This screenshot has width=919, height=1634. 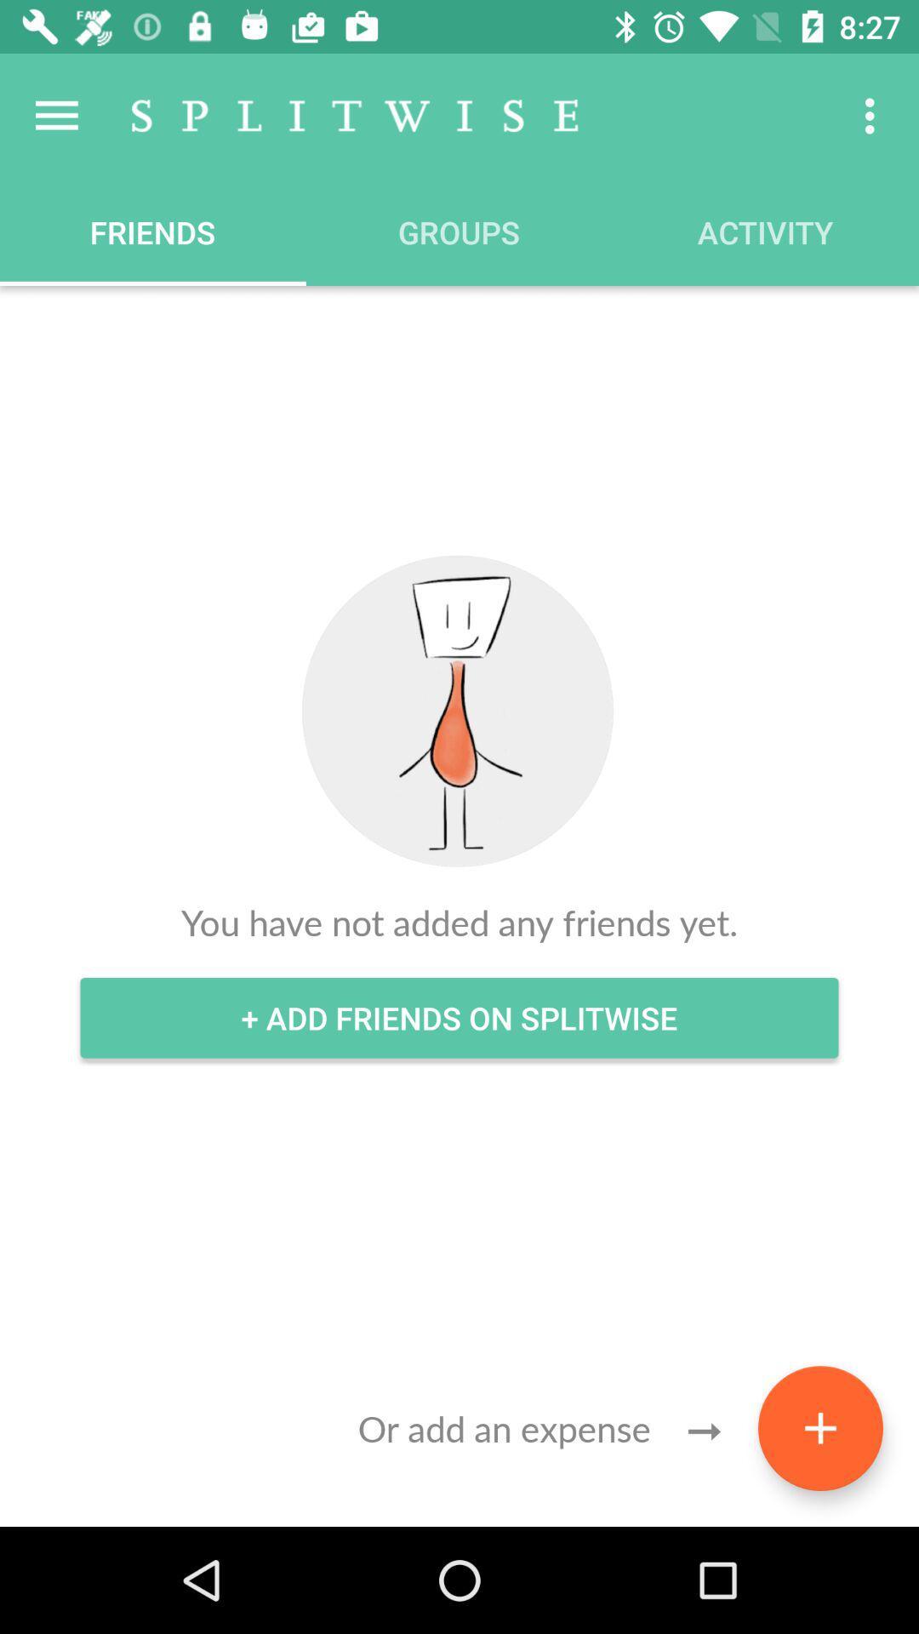 I want to click on the icon below add friends on, so click(x=819, y=1428).